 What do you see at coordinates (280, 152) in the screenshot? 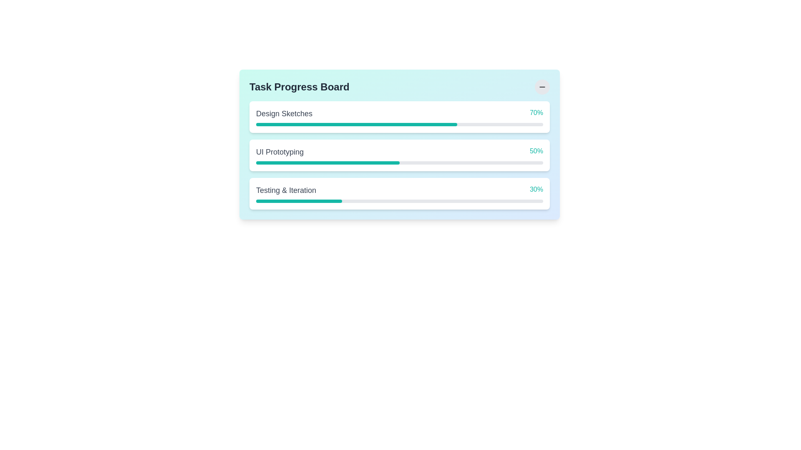
I see `text label displaying 'UI Prototyping' located in the second progress bar card on the task progress board, adjacent to the '50%' percentage indicator` at bounding box center [280, 152].